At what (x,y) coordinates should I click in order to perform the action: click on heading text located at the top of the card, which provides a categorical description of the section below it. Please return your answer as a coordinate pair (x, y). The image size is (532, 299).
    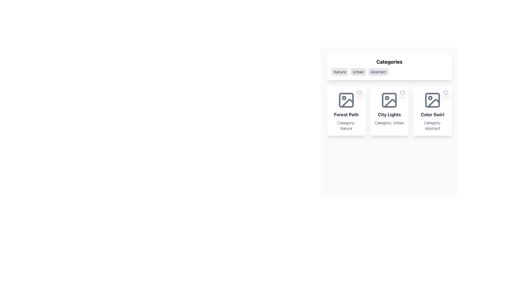
    Looking at the image, I should click on (389, 62).